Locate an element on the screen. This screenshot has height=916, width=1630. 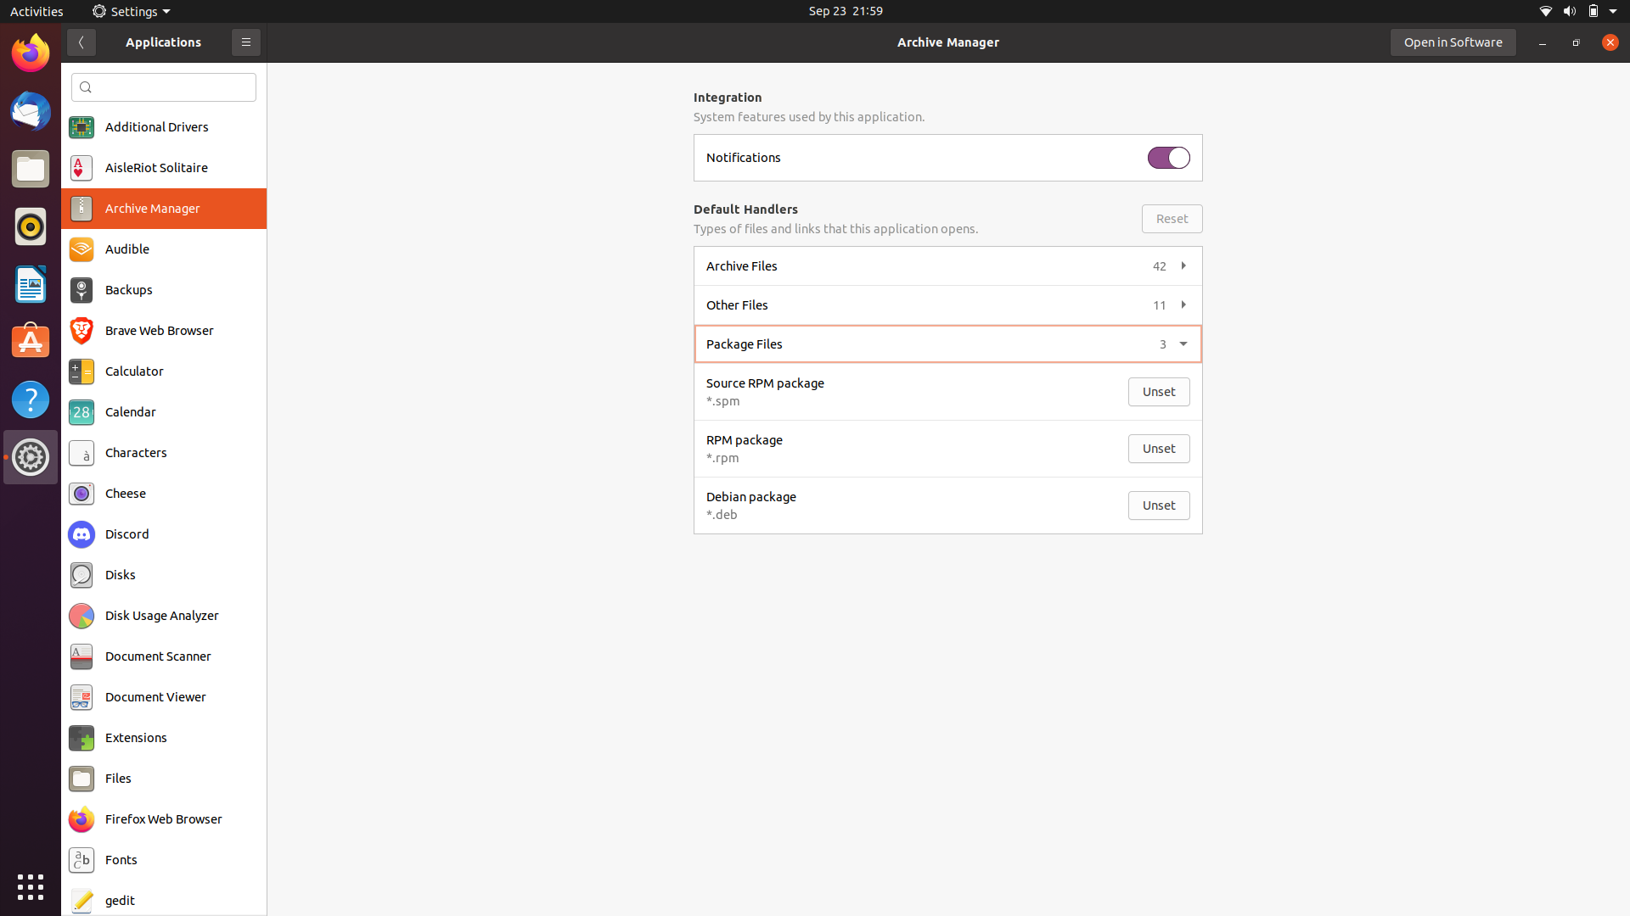
the Settings feature is located at coordinates (129, 14).